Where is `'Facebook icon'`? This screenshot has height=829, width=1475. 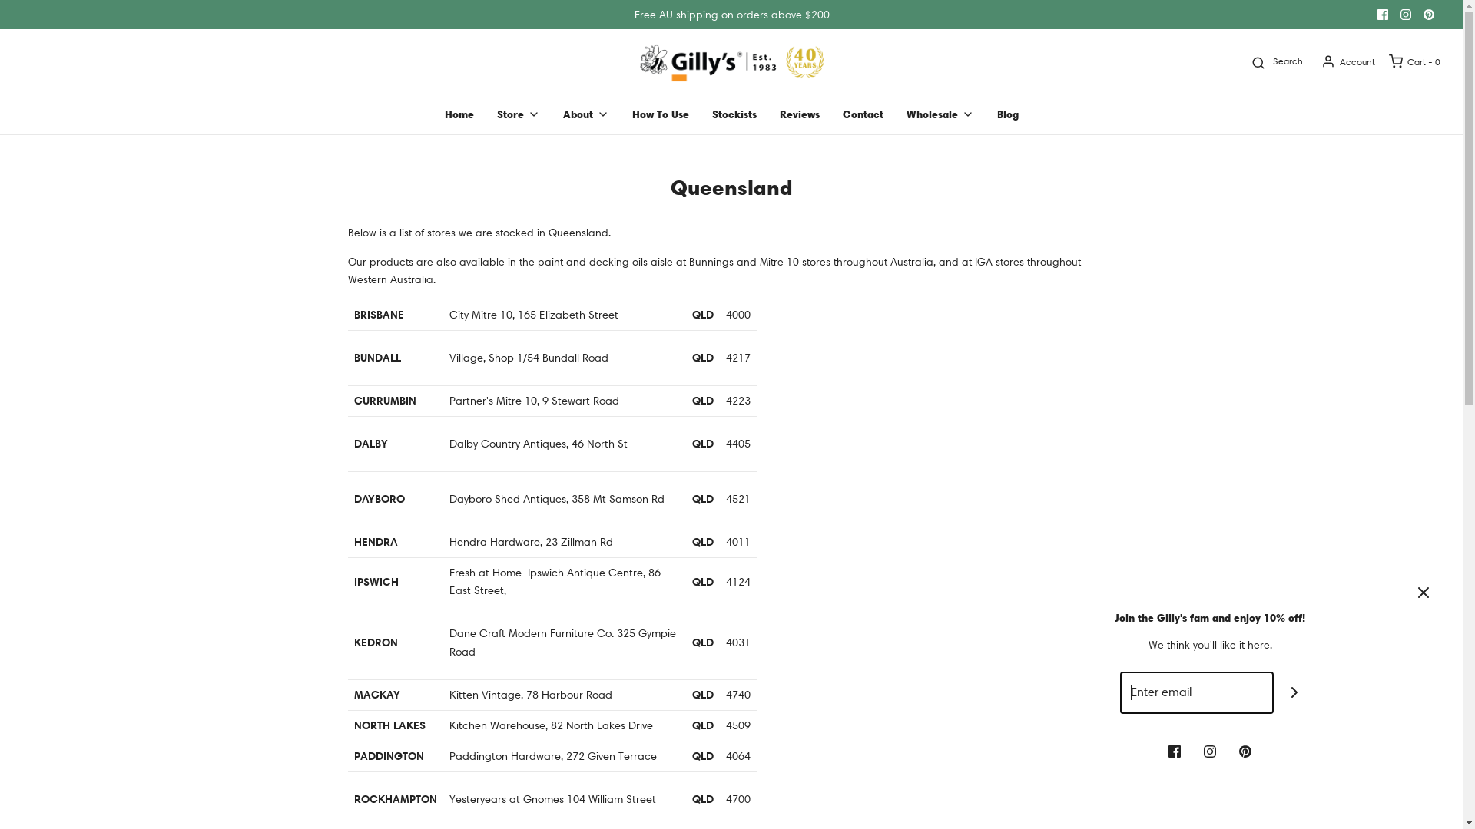
'Facebook icon' is located at coordinates (1174, 748).